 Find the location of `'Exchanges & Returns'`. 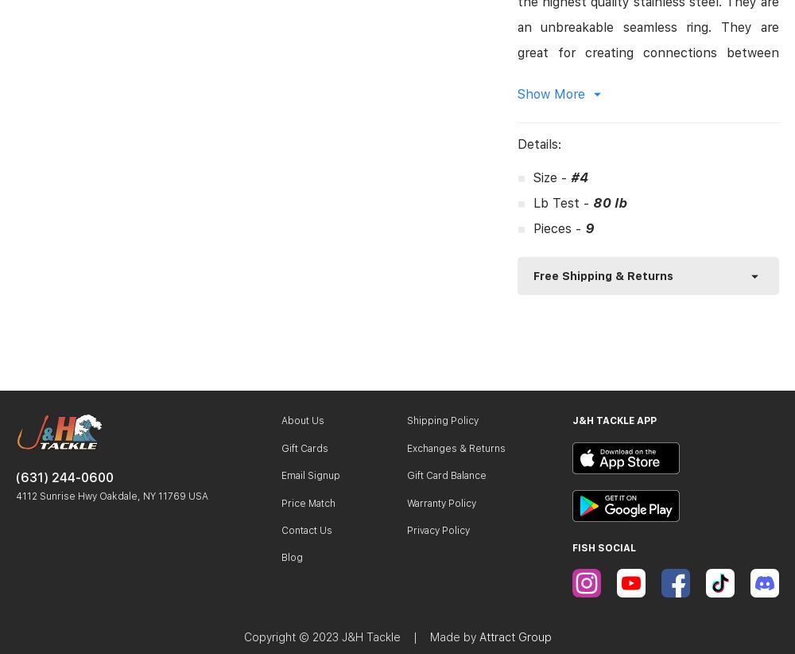

'Exchanges & Returns' is located at coordinates (456, 447).